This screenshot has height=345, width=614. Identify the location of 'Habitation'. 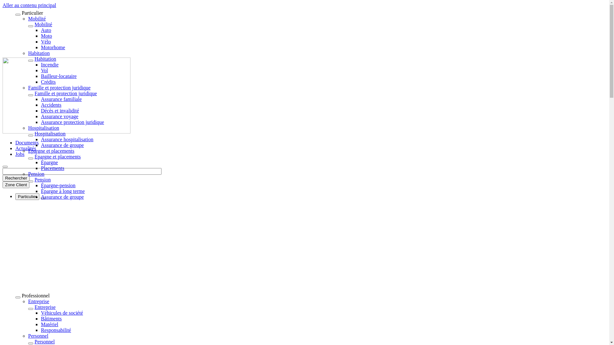
(45, 59).